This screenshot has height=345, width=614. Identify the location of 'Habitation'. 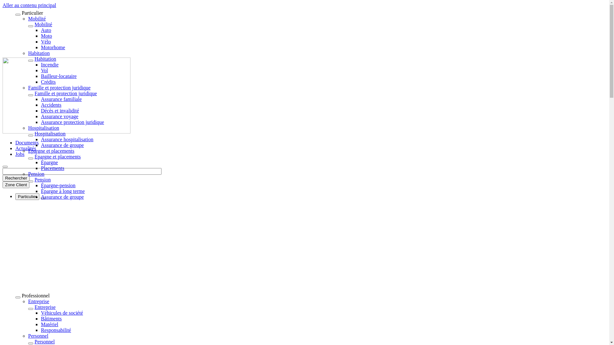
(45, 59).